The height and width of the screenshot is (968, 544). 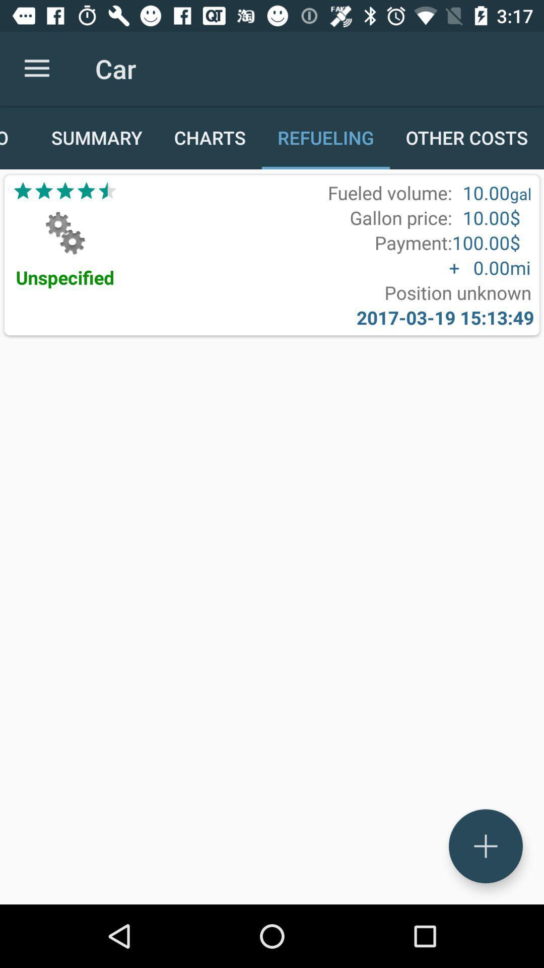 I want to click on 2017 03 19 icon, so click(x=445, y=317).